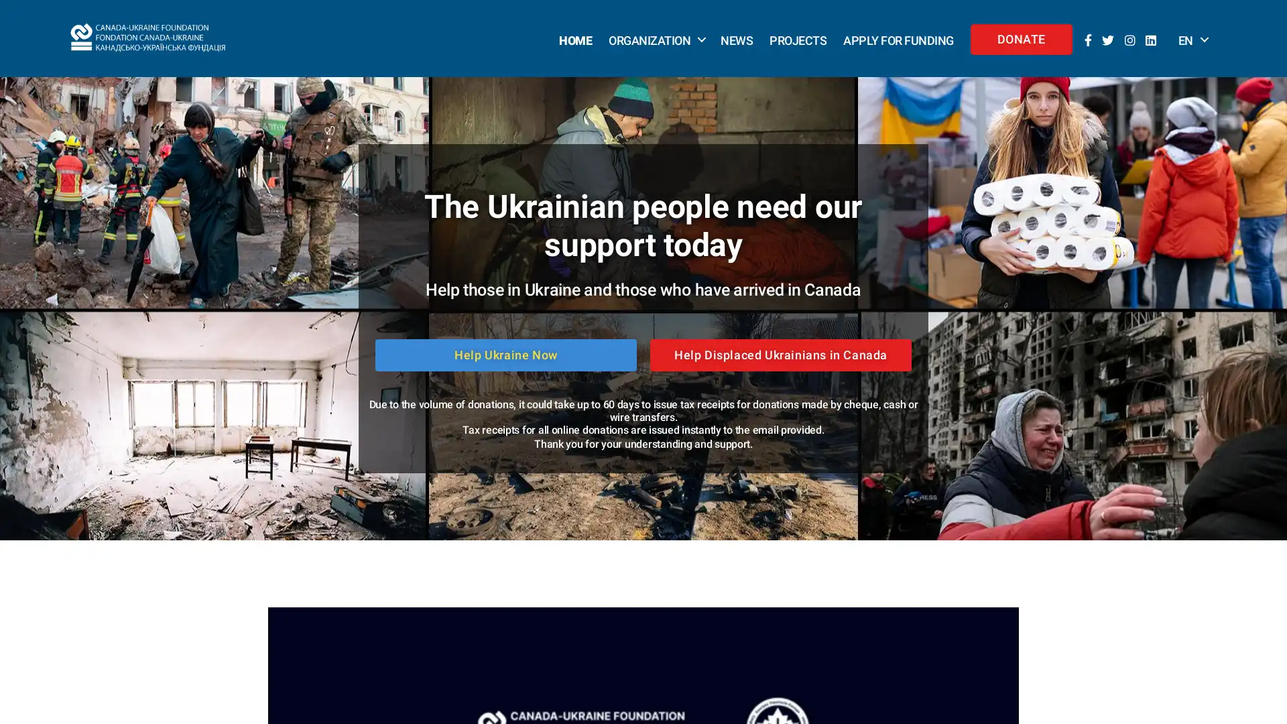 The image size is (1287, 724). I want to click on Help Ukraine Now, so click(505, 354).